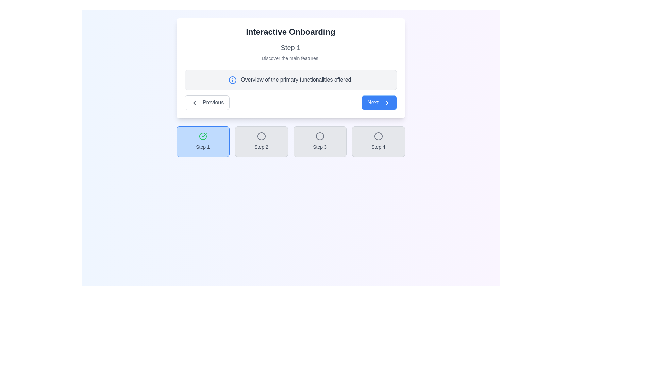  I want to click on the fourth step button-like indicator, so click(378, 141).